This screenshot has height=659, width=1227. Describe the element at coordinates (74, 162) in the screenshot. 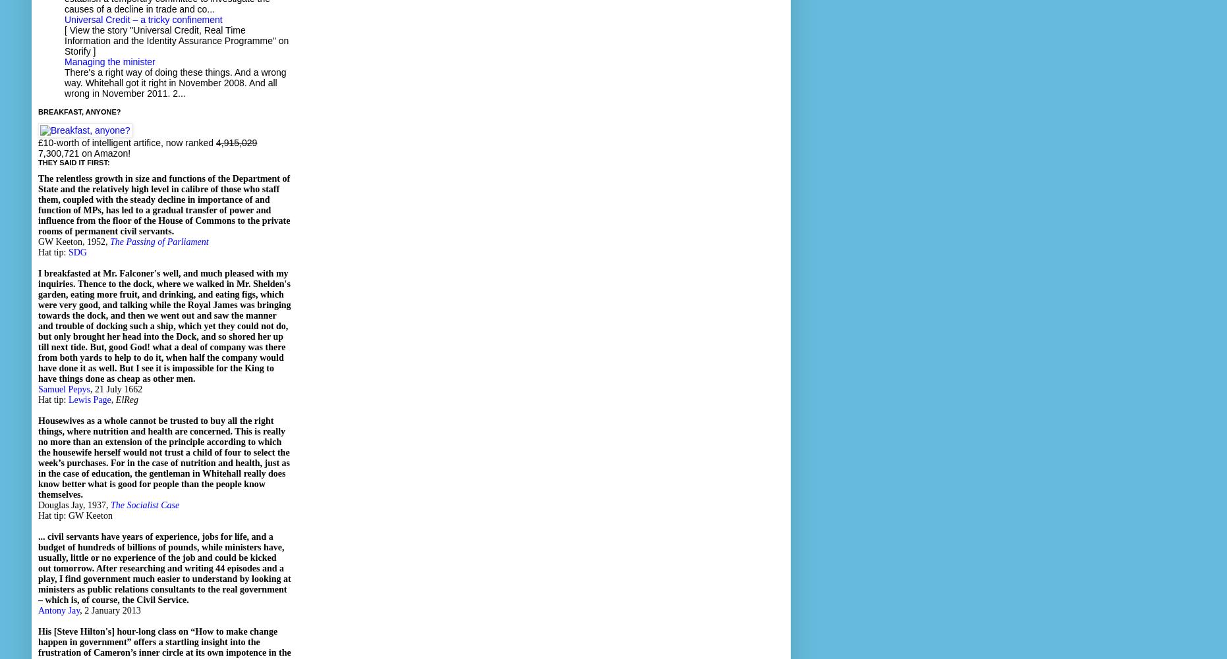

I see `'They said it first:'` at that location.